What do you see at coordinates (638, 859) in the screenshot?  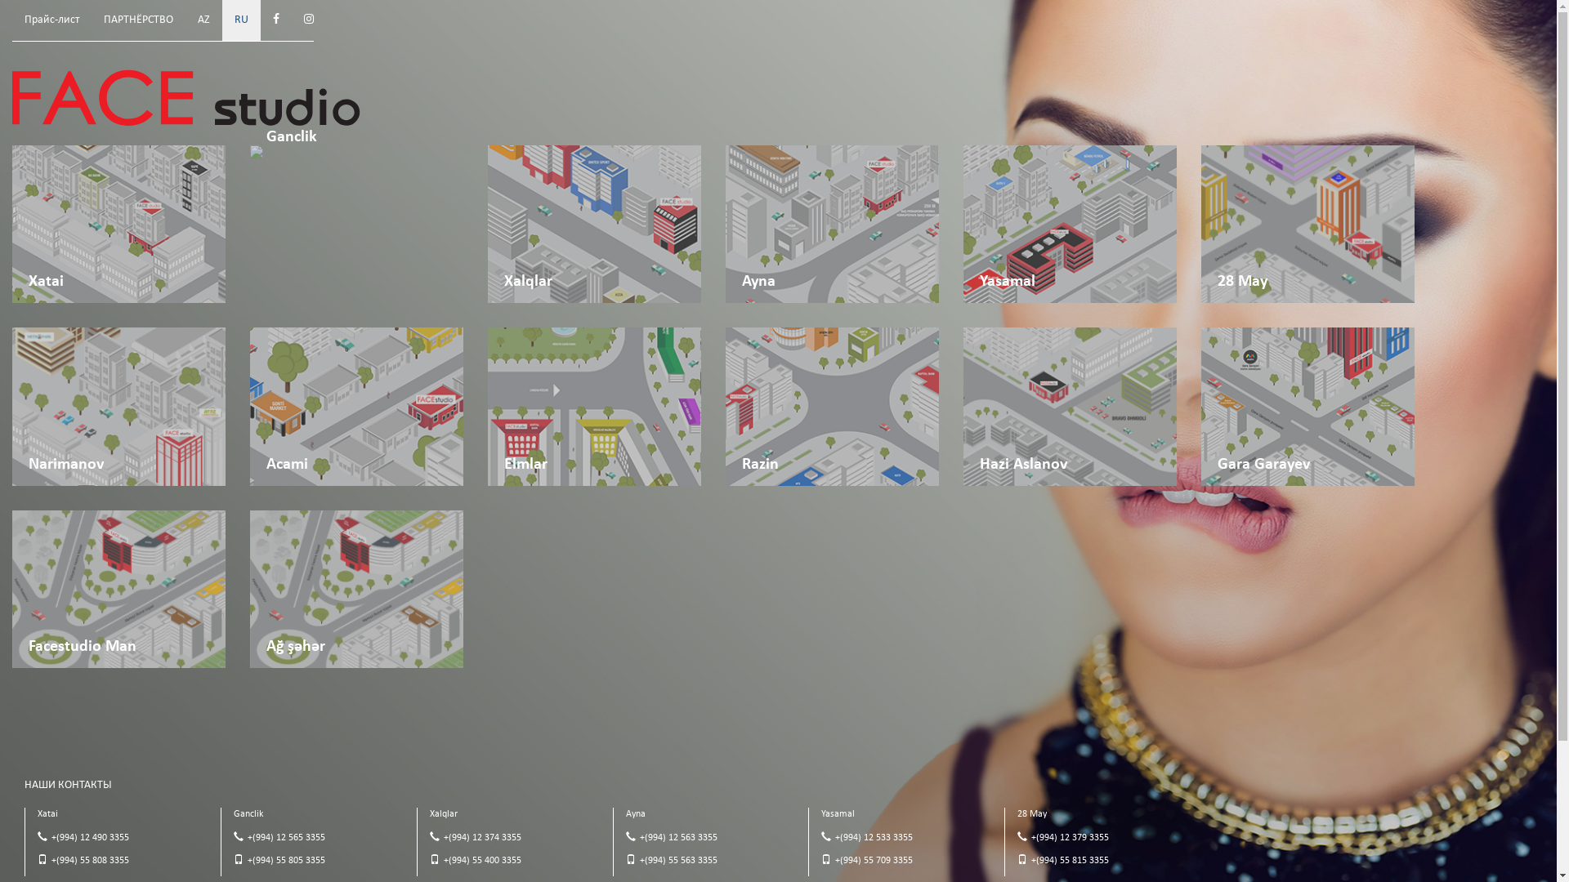 I see `'+(994) 55 563 3355'` at bounding box center [638, 859].